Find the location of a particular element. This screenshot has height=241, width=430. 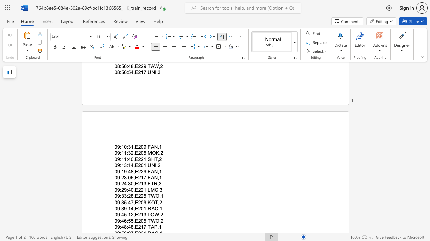

the subset text ",U" within the text "09:13:14,E201,UNI,2" is located at coordinates (146, 165).